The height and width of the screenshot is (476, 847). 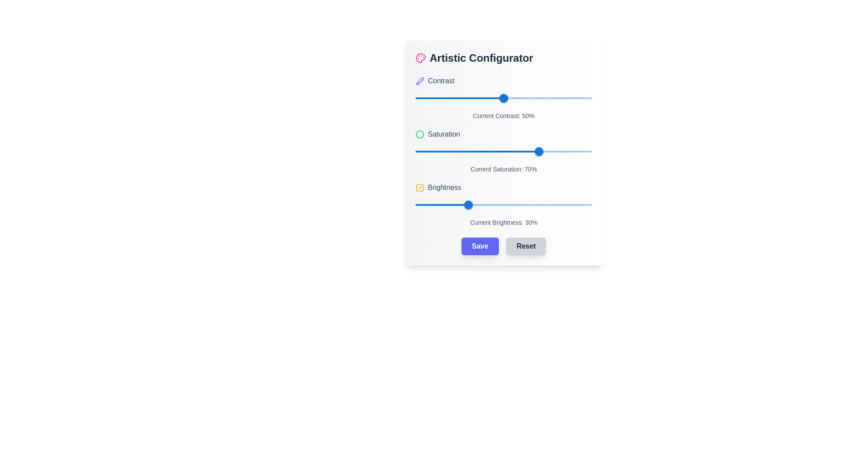 What do you see at coordinates (415, 205) in the screenshot?
I see `the brightness level` at bounding box center [415, 205].